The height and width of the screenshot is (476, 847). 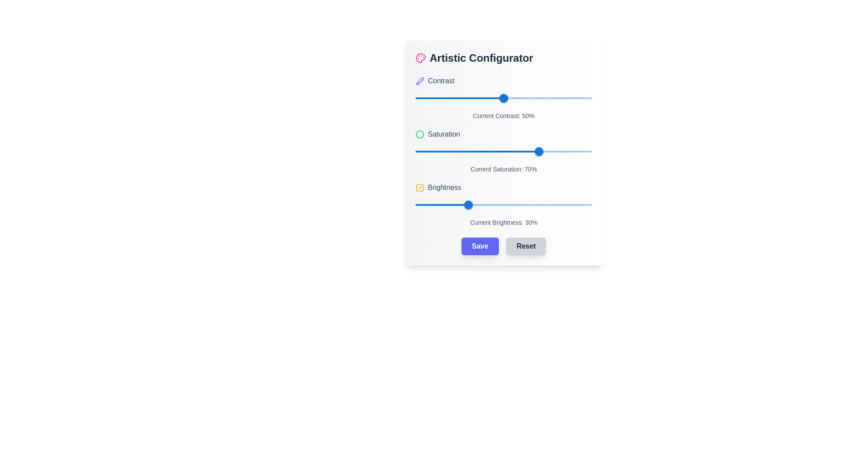 What do you see at coordinates (415, 205) in the screenshot?
I see `the brightness level` at bounding box center [415, 205].